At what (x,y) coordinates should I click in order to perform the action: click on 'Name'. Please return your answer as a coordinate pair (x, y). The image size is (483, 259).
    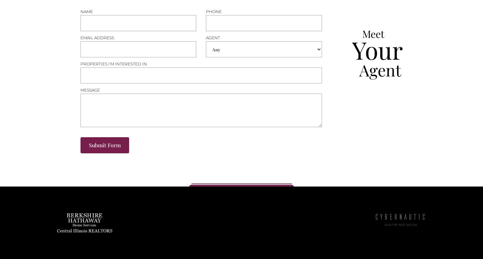
    Looking at the image, I should click on (86, 11).